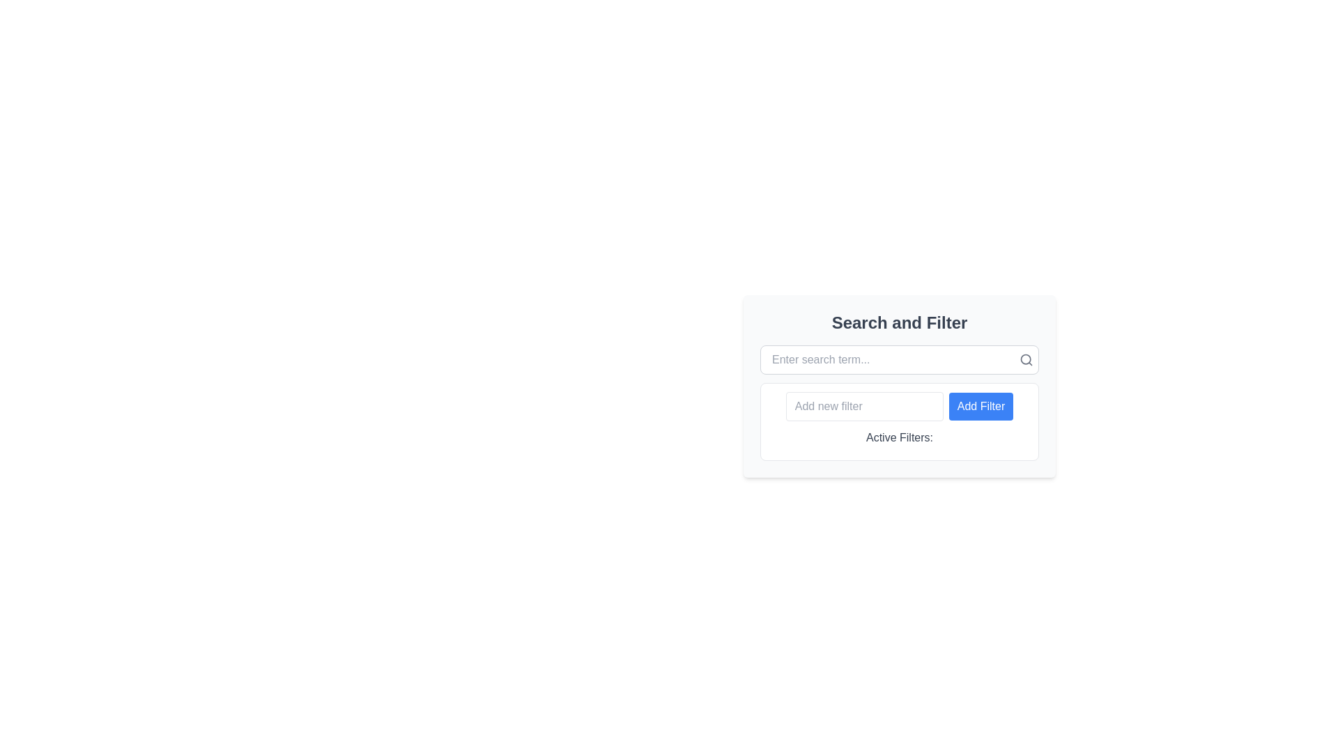 The height and width of the screenshot is (752, 1338). Describe the element at coordinates (1026, 359) in the screenshot. I see `the circular part of the magnifying glass icon located at the right-hand side of the search bar, next to the 'Enter search term...' input field` at that location.